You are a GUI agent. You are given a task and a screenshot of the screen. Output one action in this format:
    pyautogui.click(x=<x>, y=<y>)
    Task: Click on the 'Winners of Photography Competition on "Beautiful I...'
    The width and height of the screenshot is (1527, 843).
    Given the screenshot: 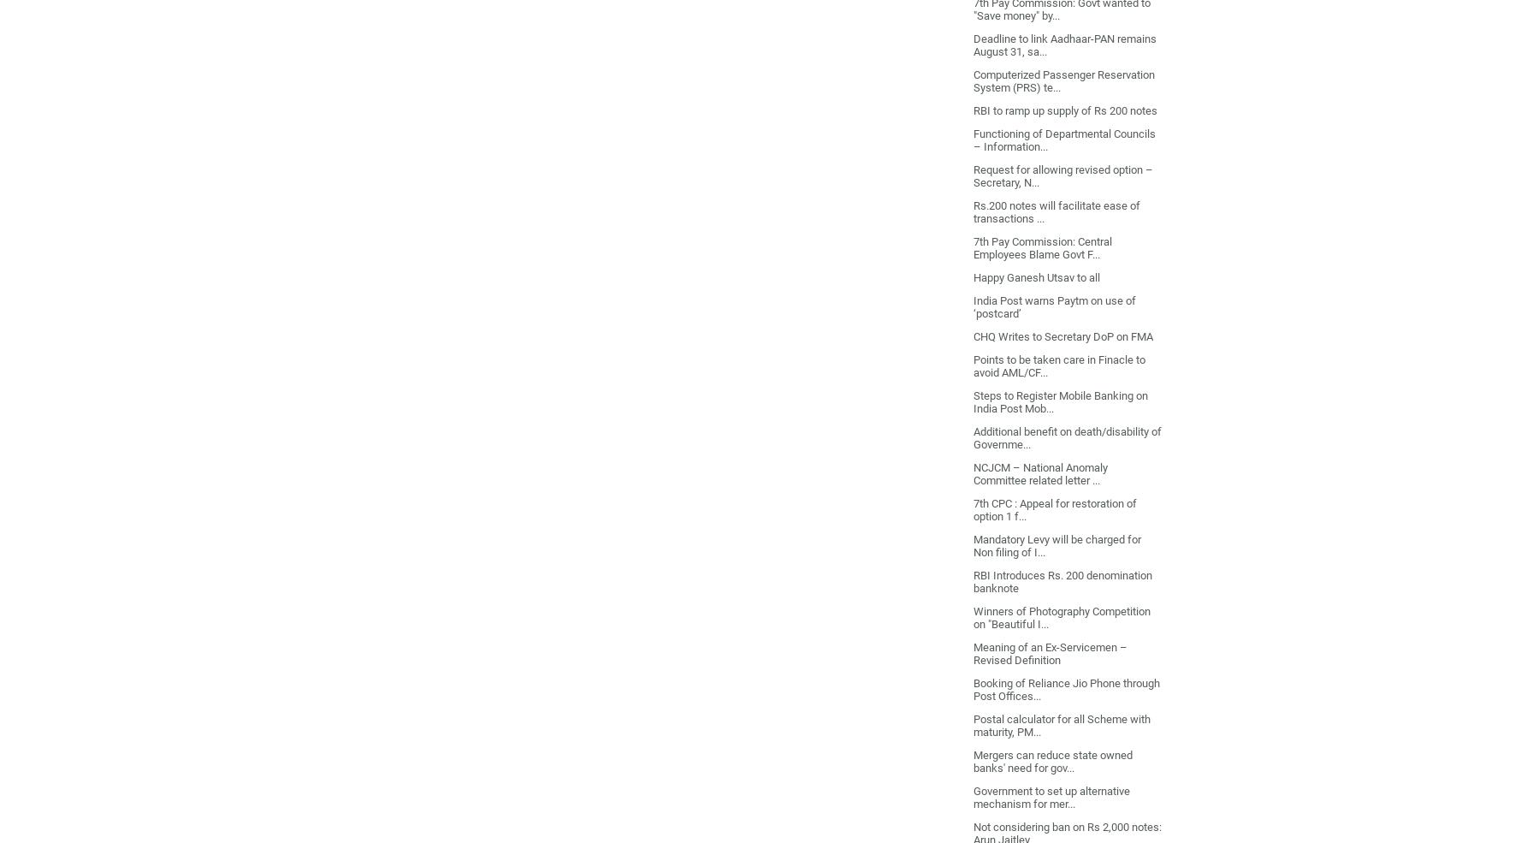 What is the action you would take?
    pyautogui.click(x=1060, y=617)
    